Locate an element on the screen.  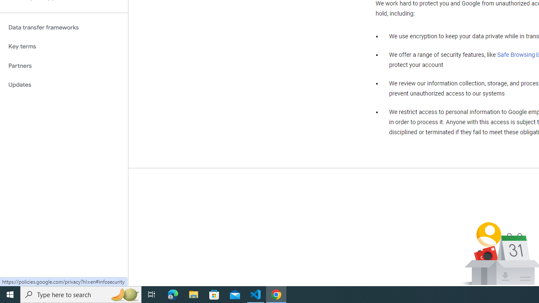
'Partners' is located at coordinates (64, 65).